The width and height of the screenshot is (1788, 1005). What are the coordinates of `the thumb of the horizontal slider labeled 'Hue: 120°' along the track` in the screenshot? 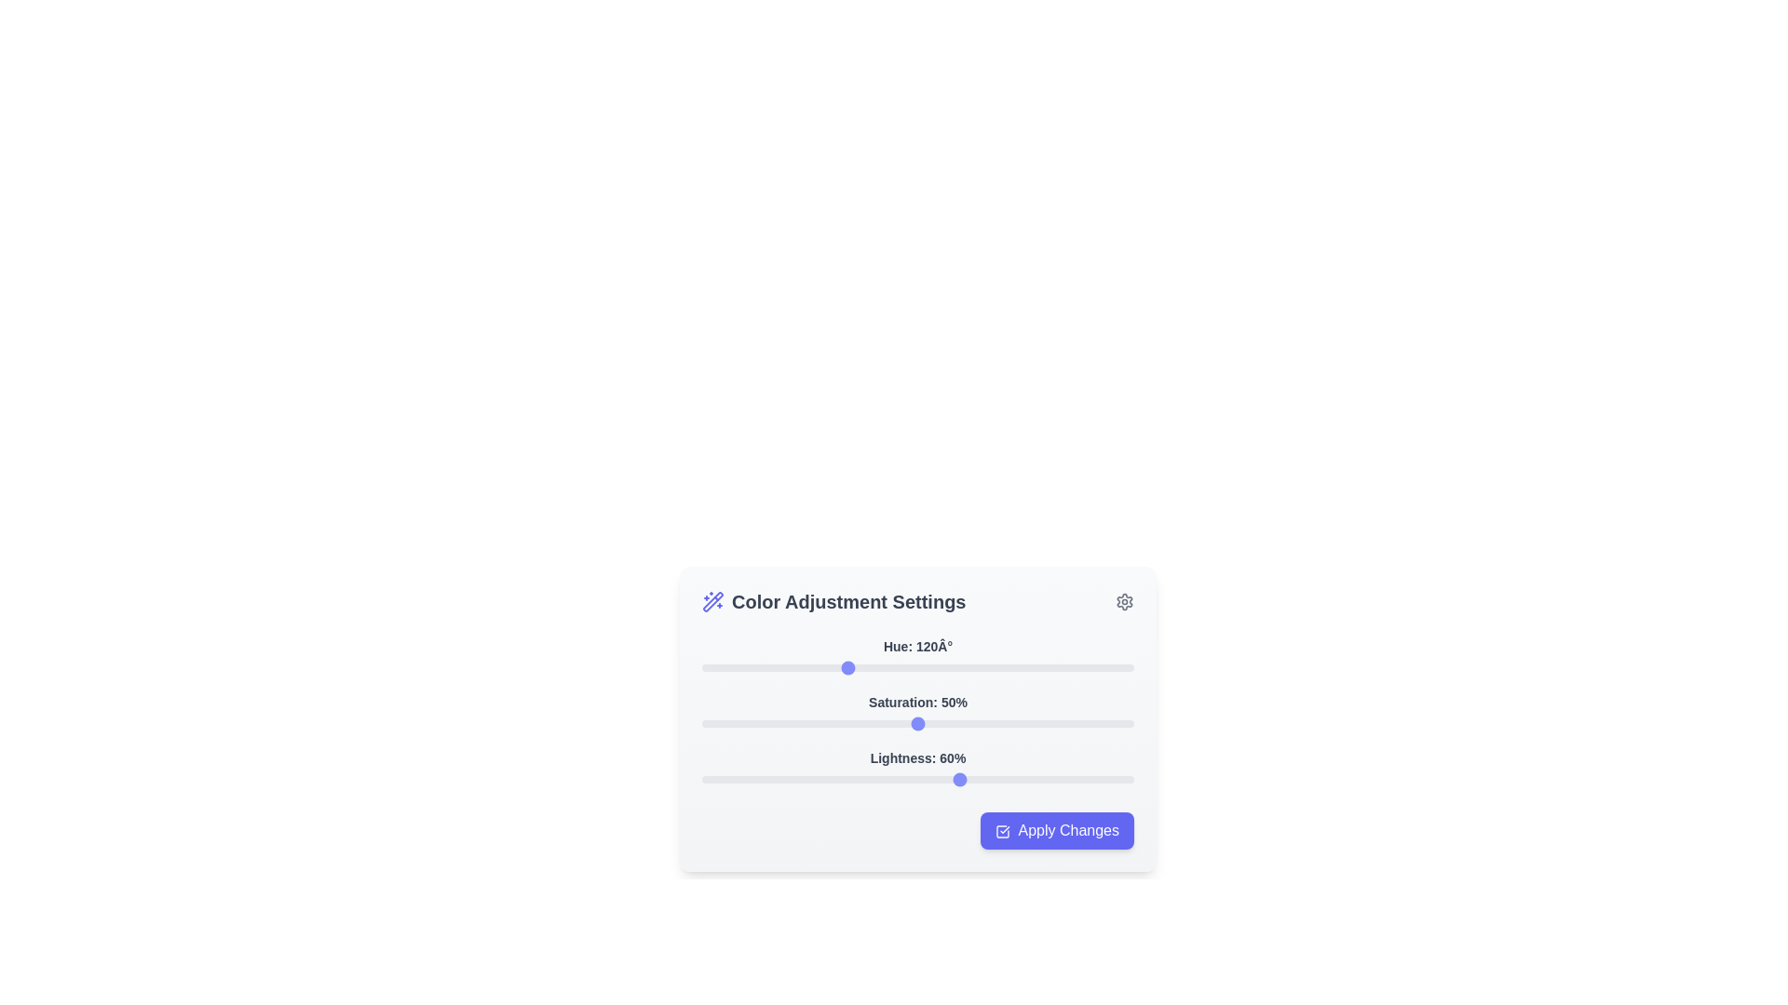 It's located at (917, 656).